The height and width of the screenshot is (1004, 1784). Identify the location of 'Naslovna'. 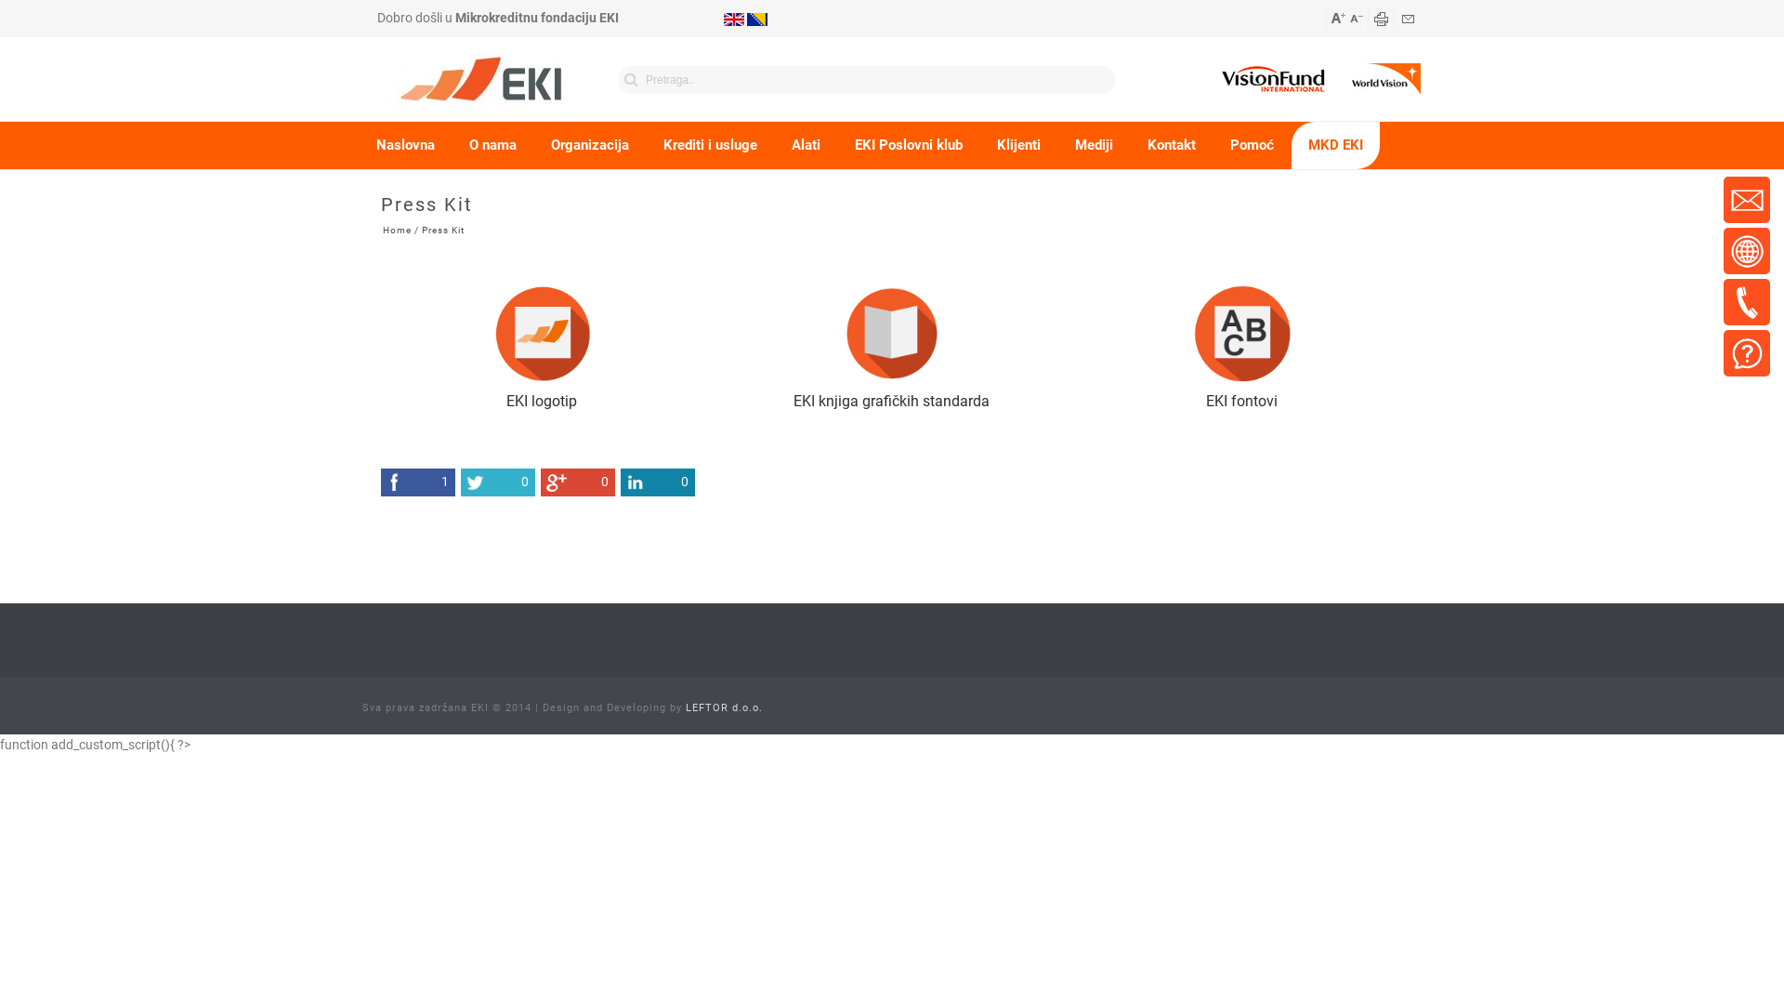
(404, 144).